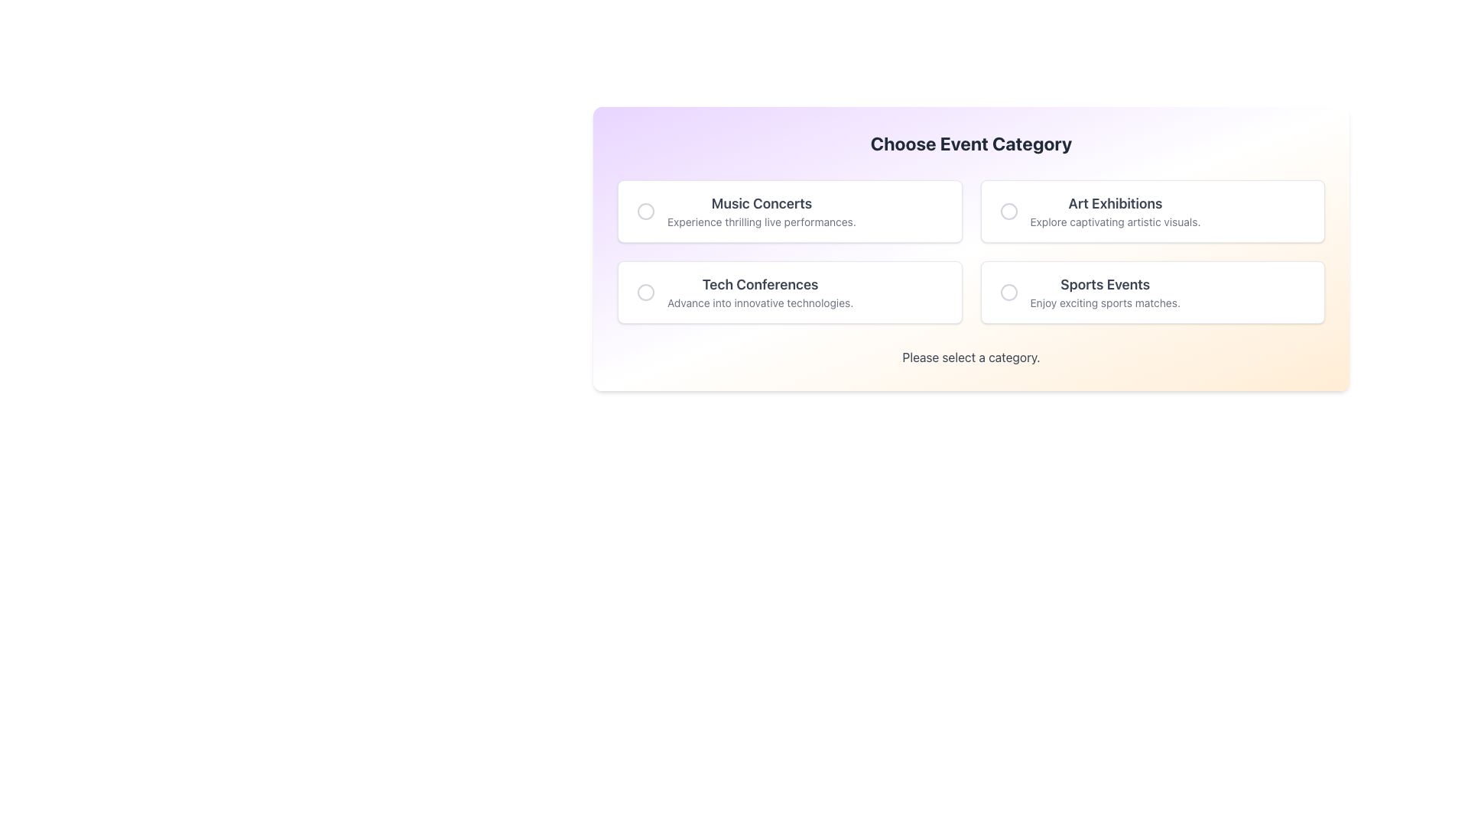  Describe the element at coordinates (645, 292) in the screenshot. I see `the circular radio button indicator with a thin gray border for the 'Tech Conferences' selection in the vertical list of categories` at that location.